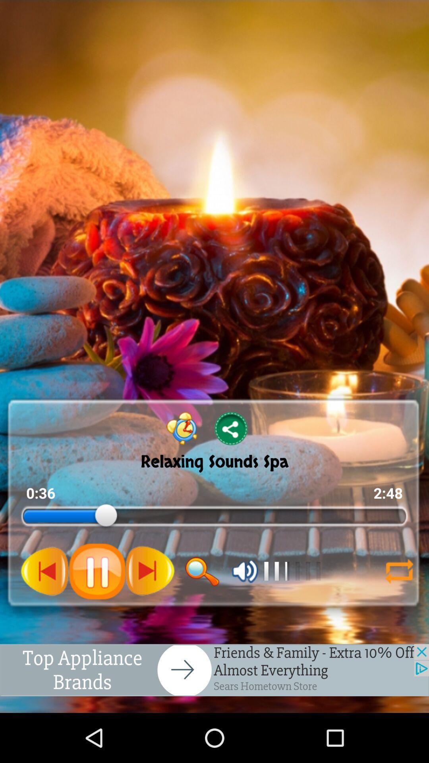 The height and width of the screenshot is (763, 429). Describe the element at coordinates (214, 670) in the screenshot. I see `this highlighted interactive element is advertisement` at that location.